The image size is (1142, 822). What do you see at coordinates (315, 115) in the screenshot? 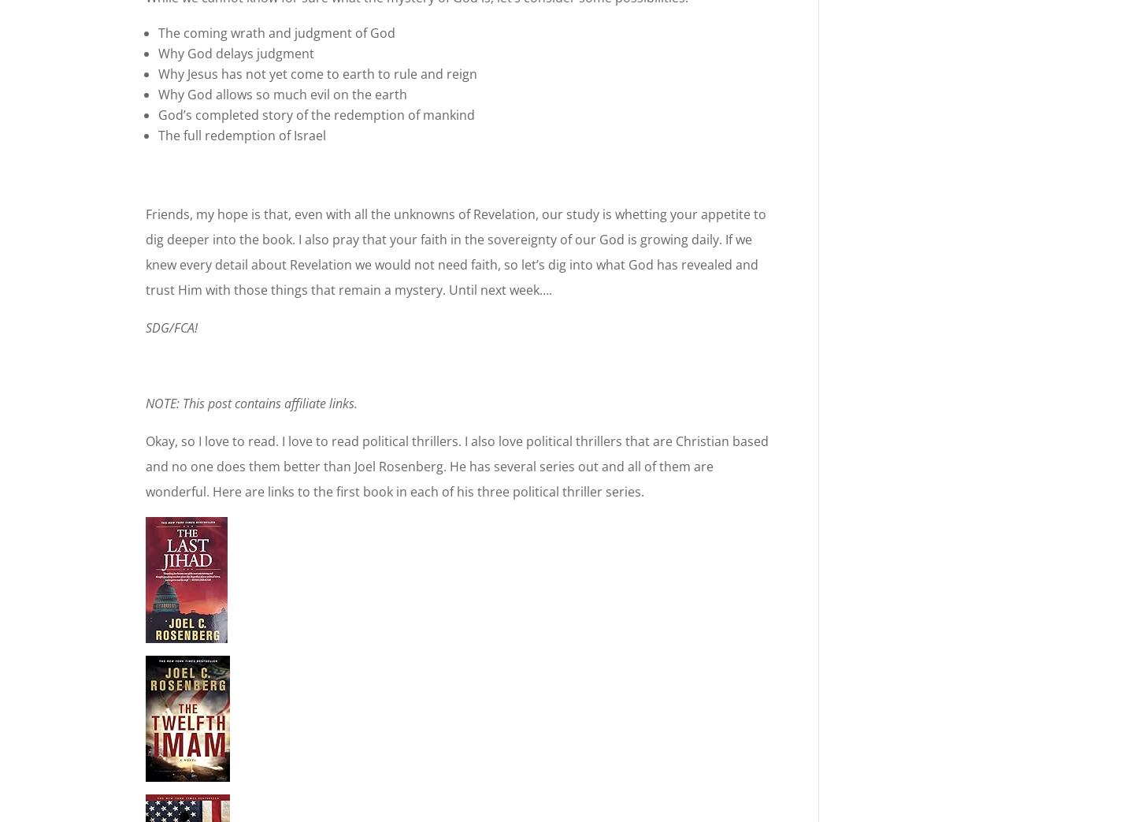
I see `'God’s completed story of the redemption of mankind'` at bounding box center [315, 115].